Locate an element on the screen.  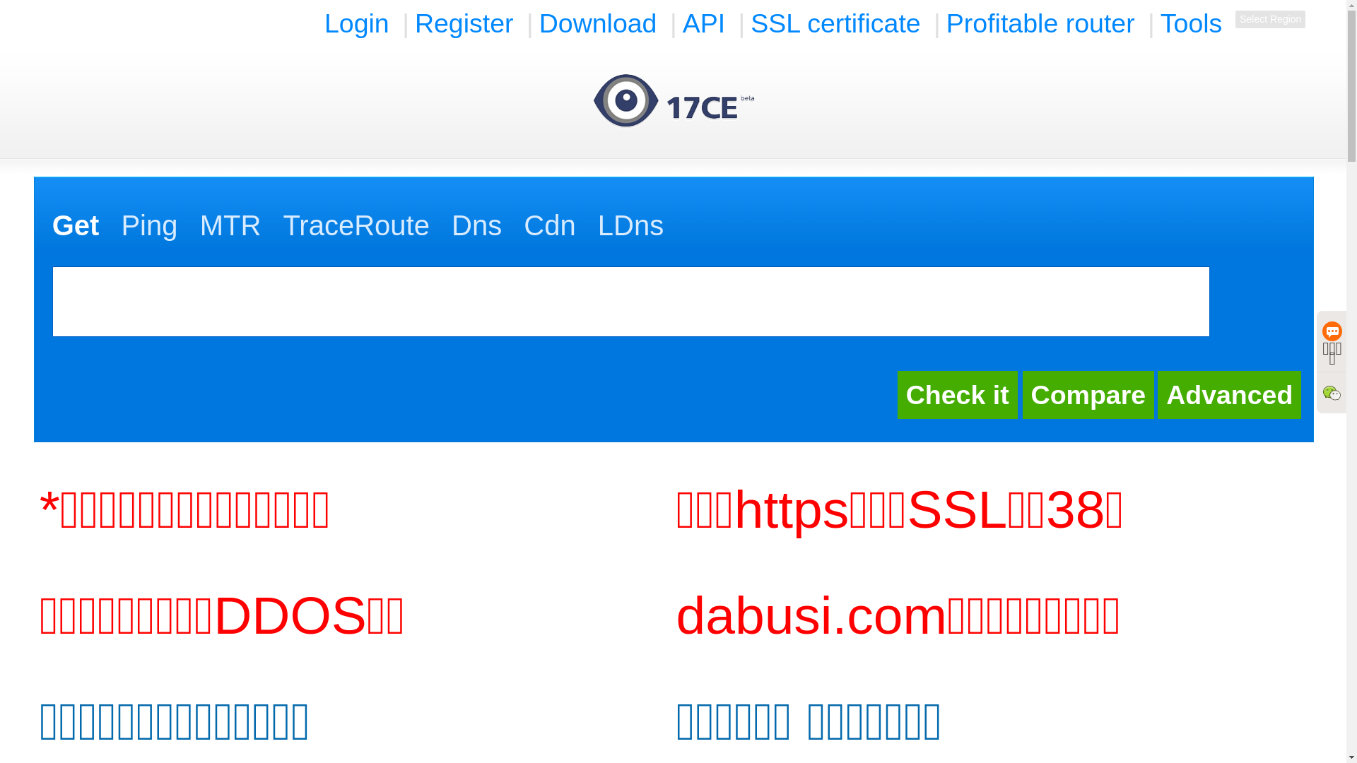
'Cdn' is located at coordinates (522, 225).